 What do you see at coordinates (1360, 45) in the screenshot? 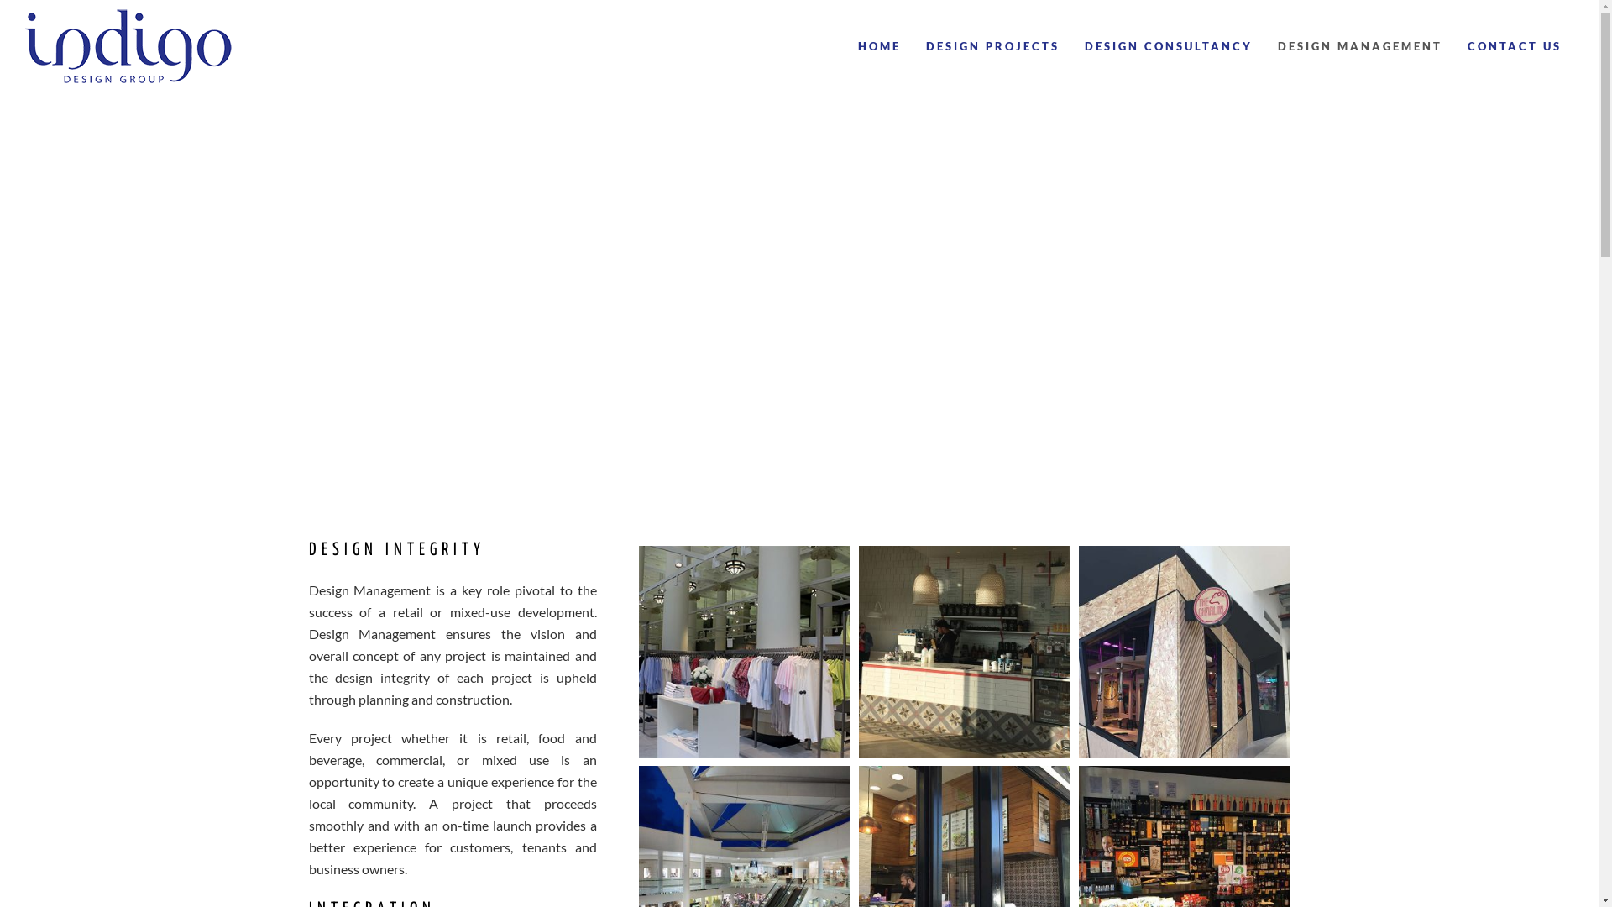
I see `'DESIGN MANAGEMENT'` at bounding box center [1360, 45].